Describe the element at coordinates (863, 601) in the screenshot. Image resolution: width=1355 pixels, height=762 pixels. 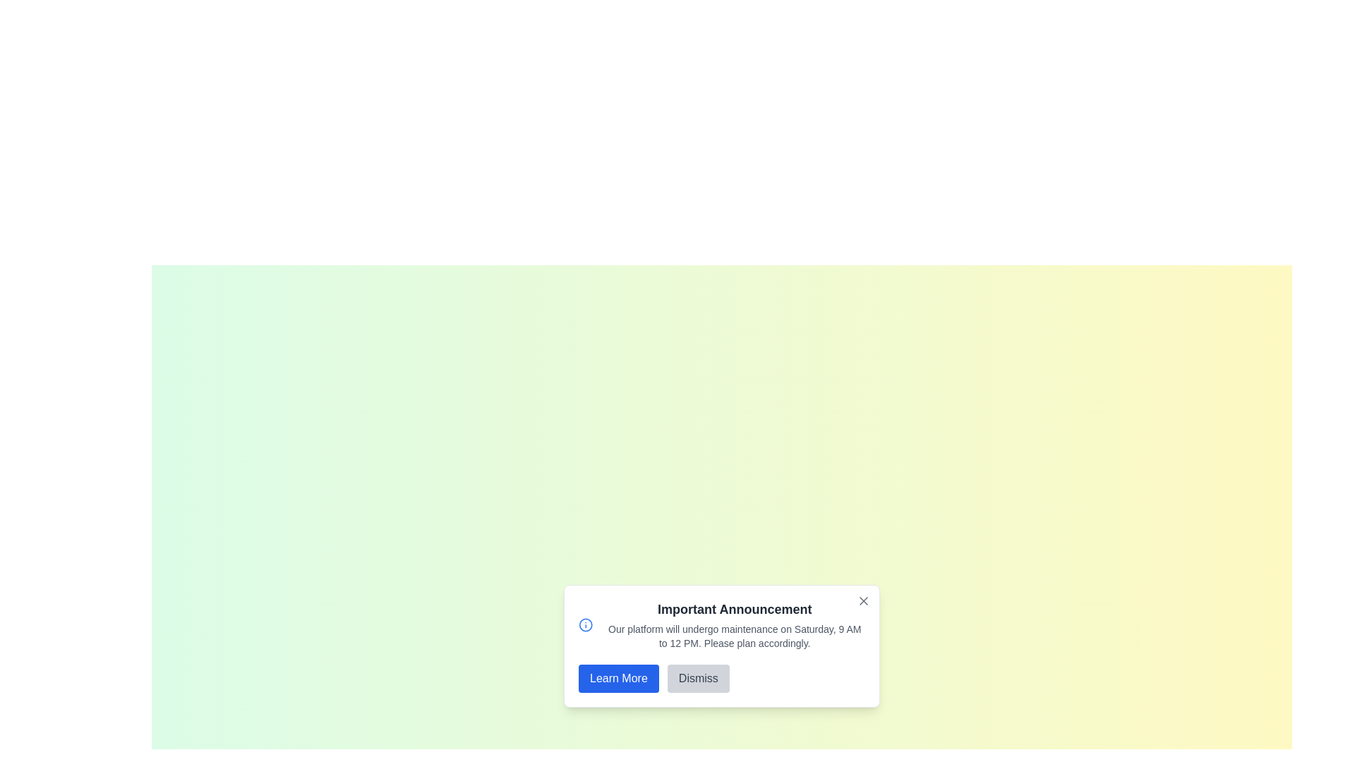
I see `the close button to dismiss the notification` at that location.